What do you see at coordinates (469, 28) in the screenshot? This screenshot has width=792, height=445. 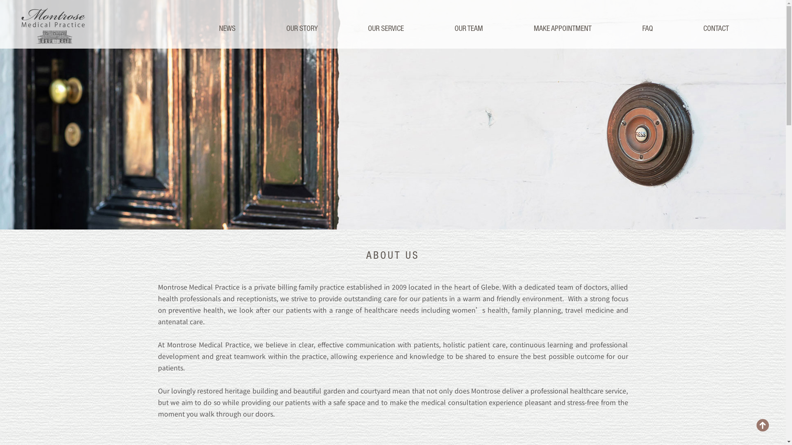 I see `'OUR TEAM'` at bounding box center [469, 28].